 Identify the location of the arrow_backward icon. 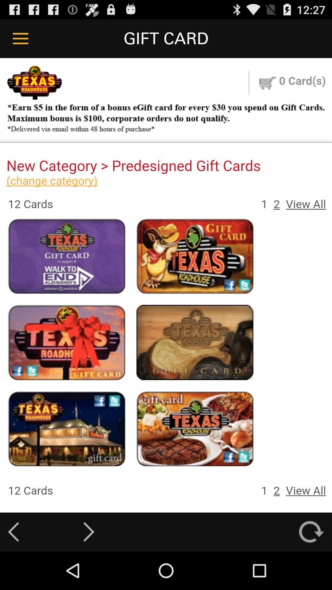
(13, 569).